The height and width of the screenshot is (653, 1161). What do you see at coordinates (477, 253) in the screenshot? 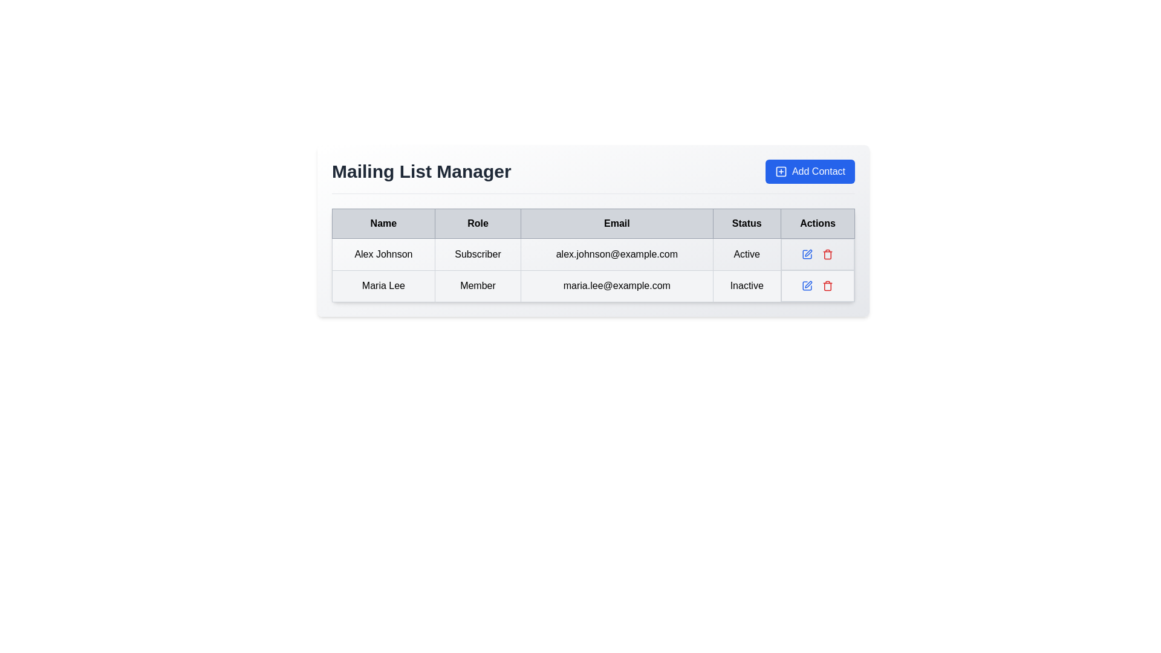
I see `the 'Subscriber' text label in the Role column of the table row for 'Alex Johnson'` at bounding box center [477, 253].